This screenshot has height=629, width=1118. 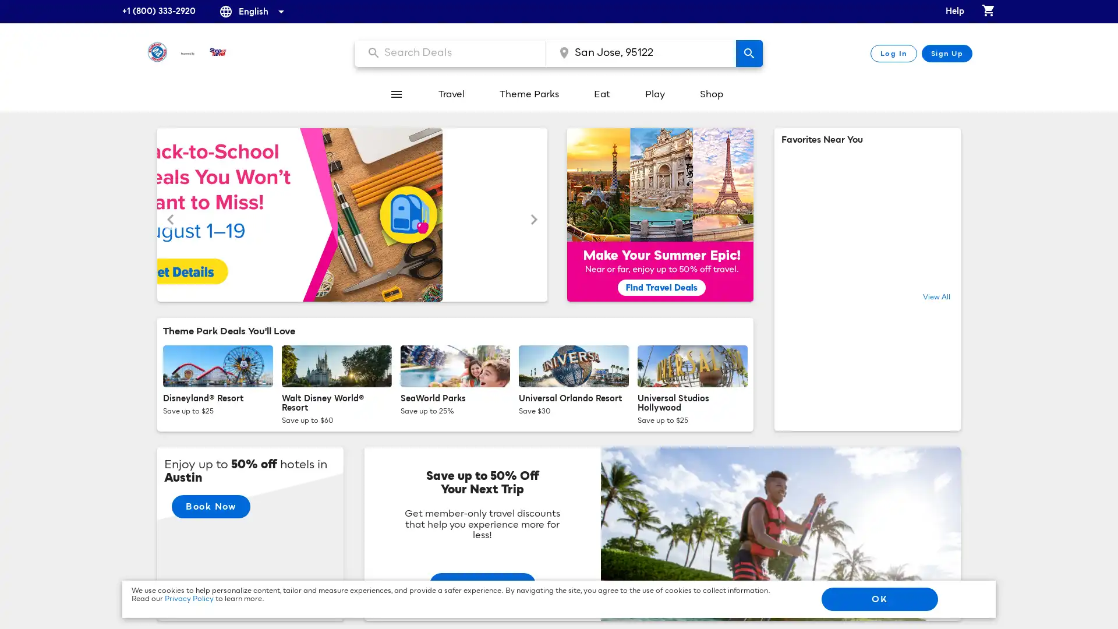 What do you see at coordinates (936, 416) in the screenshot?
I see `View All` at bounding box center [936, 416].